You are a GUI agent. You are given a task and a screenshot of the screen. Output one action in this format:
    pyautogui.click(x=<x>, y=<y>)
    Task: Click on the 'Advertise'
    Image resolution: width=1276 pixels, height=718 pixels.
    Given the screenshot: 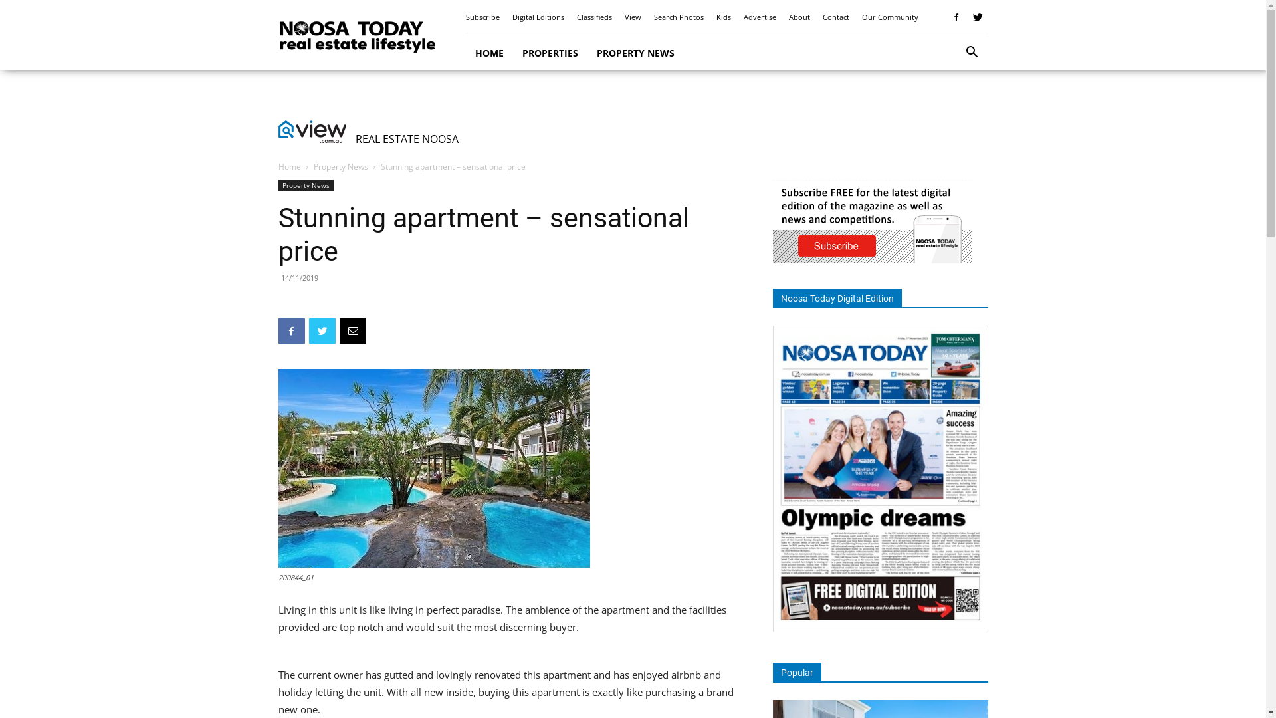 What is the action you would take?
    pyautogui.click(x=759, y=17)
    